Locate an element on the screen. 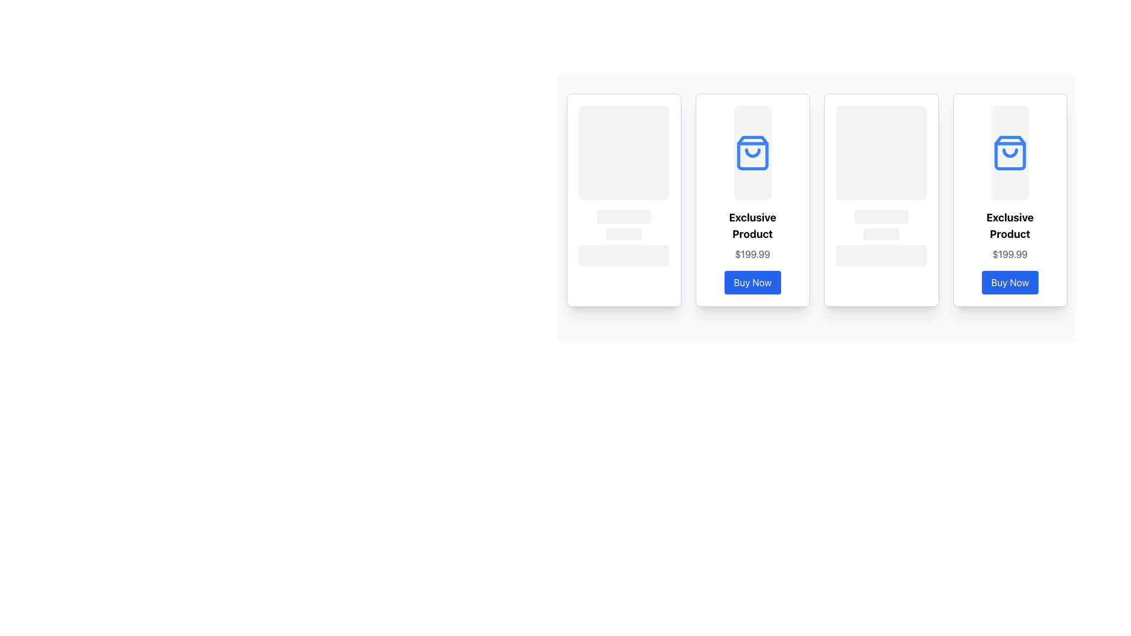 Image resolution: width=1131 pixels, height=636 pixels. the first Placeholder card component in the four-card grid layout, located at the top-left corner of the grid is located at coordinates (623, 199).